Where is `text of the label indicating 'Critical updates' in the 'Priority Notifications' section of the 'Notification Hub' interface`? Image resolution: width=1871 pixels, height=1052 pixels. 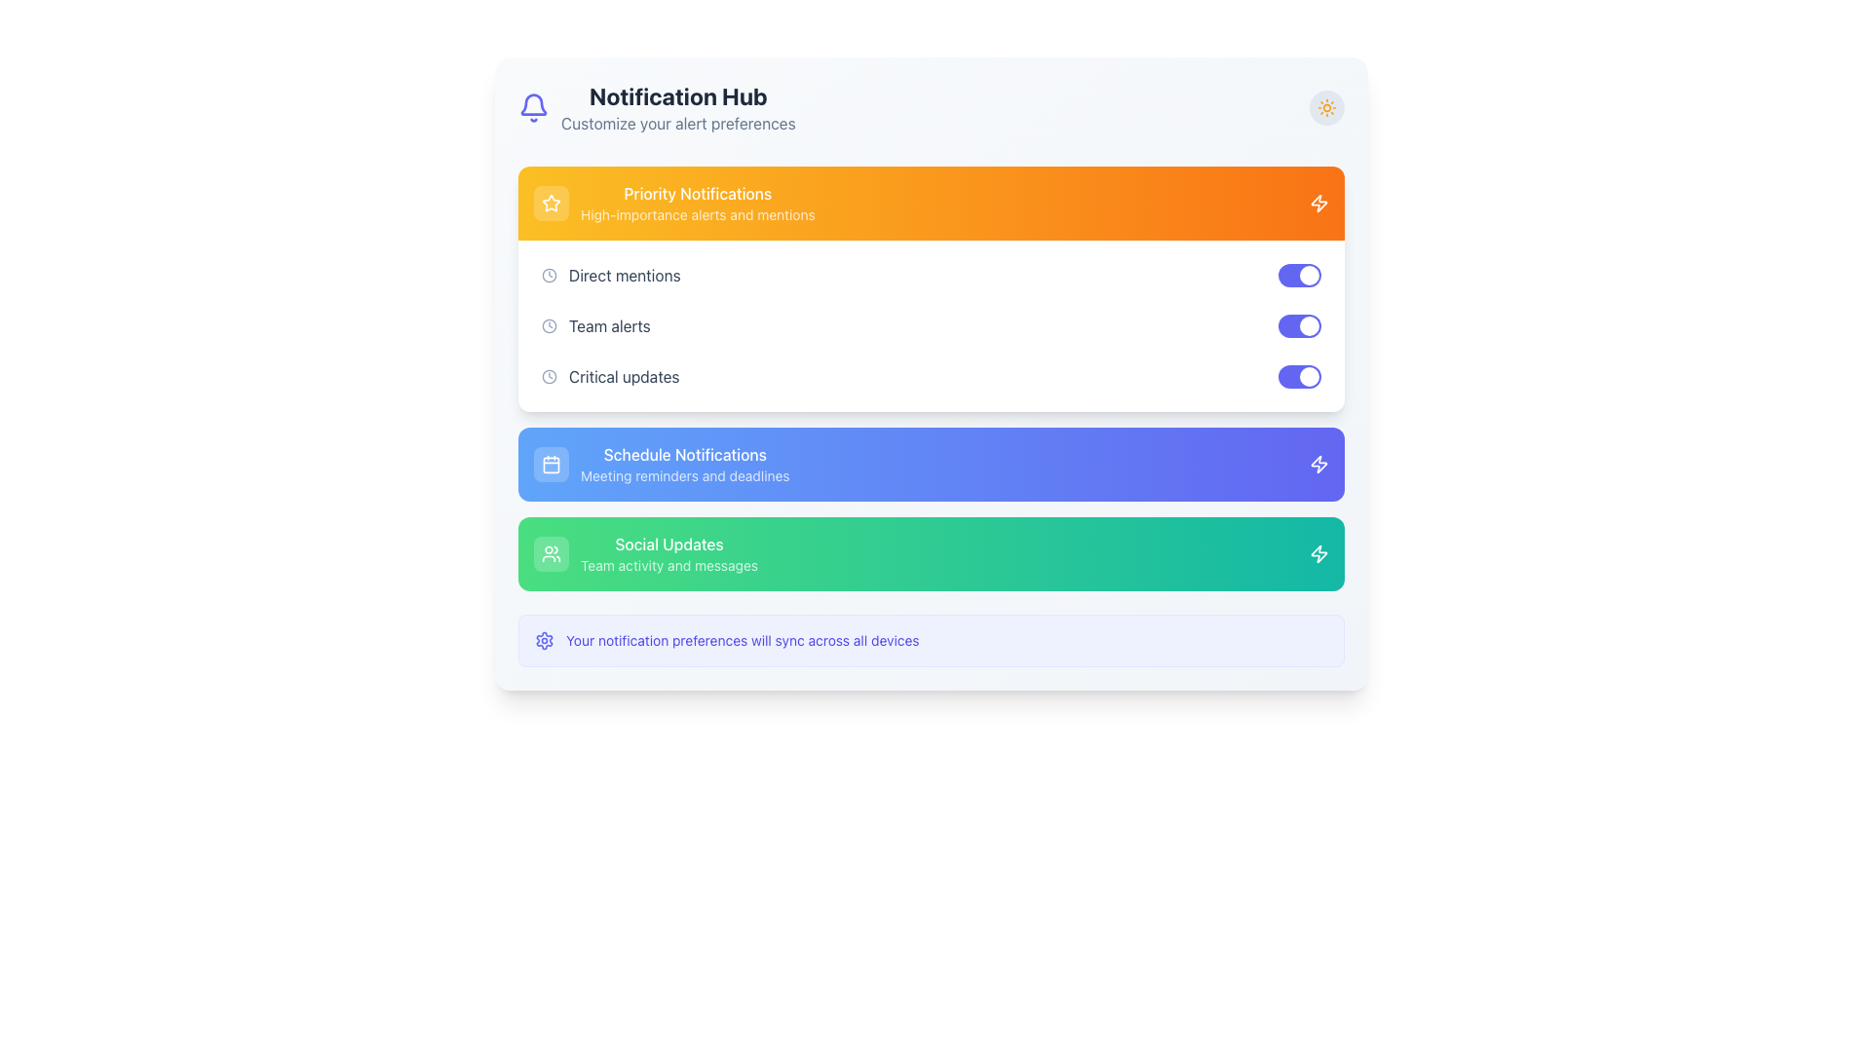 text of the label indicating 'Critical updates' in the 'Priority Notifications' section of the 'Notification Hub' interface is located at coordinates (609, 376).